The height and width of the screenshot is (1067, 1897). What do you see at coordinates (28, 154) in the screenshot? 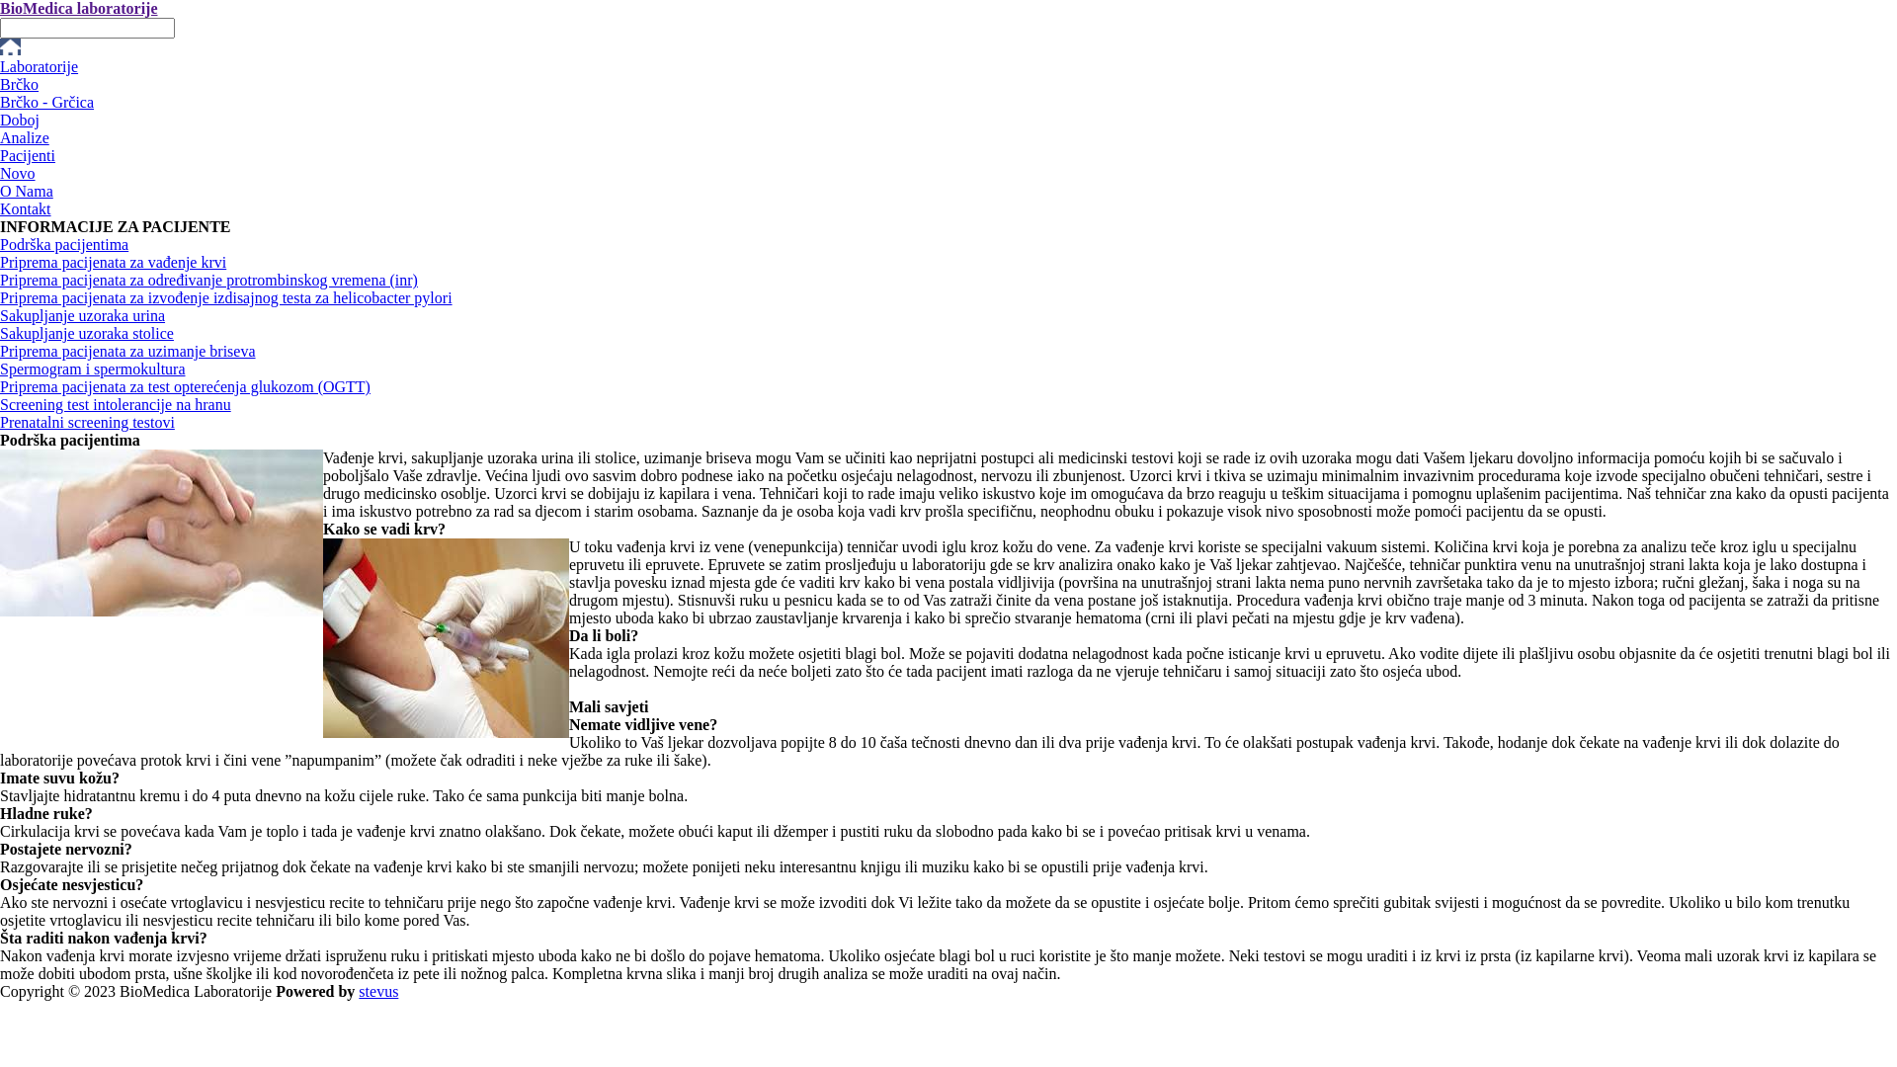
I see `'Pacijenti'` at bounding box center [28, 154].